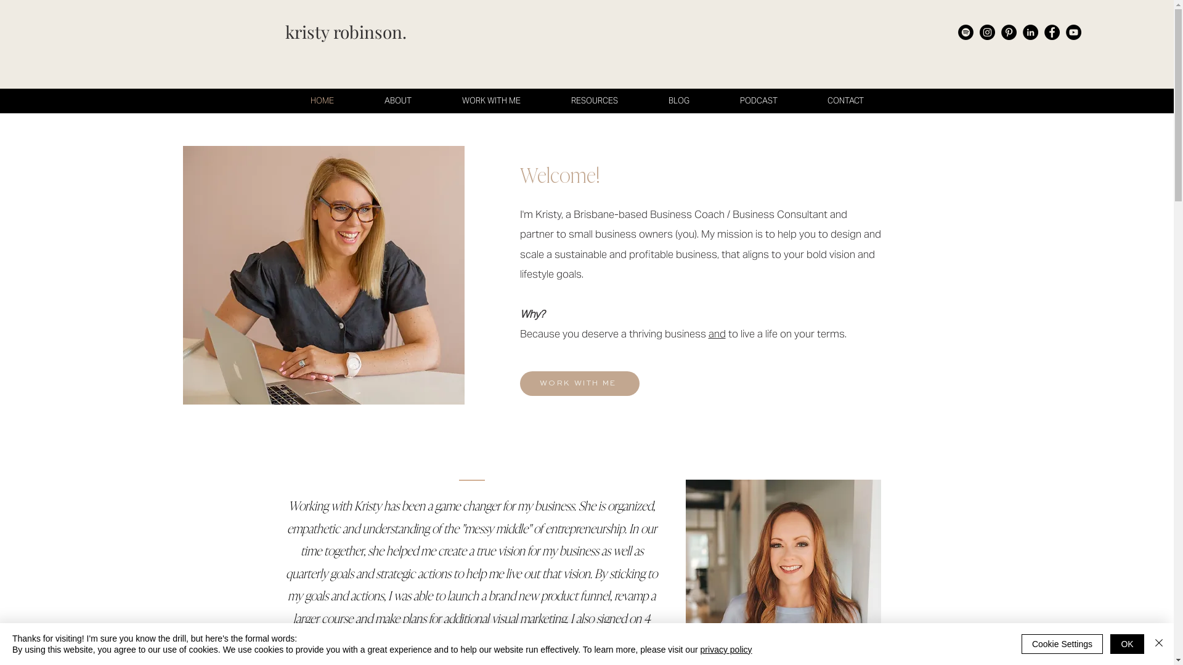  Describe the element at coordinates (642, 100) in the screenshot. I see `'BLOG'` at that location.